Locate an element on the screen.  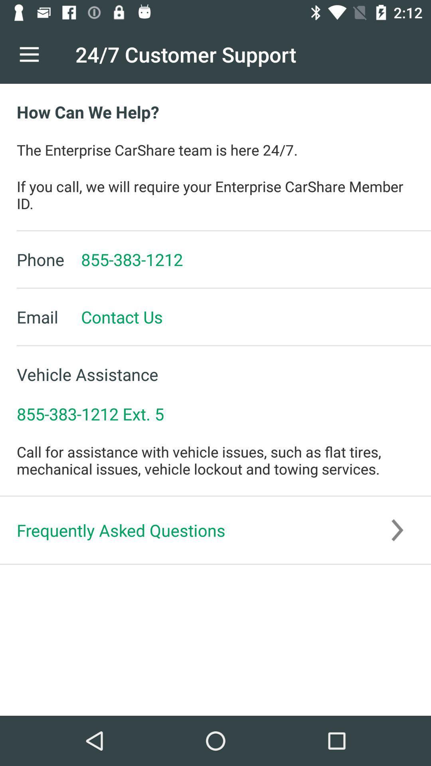
item next to the 24 7 customer item is located at coordinates (29, 54).